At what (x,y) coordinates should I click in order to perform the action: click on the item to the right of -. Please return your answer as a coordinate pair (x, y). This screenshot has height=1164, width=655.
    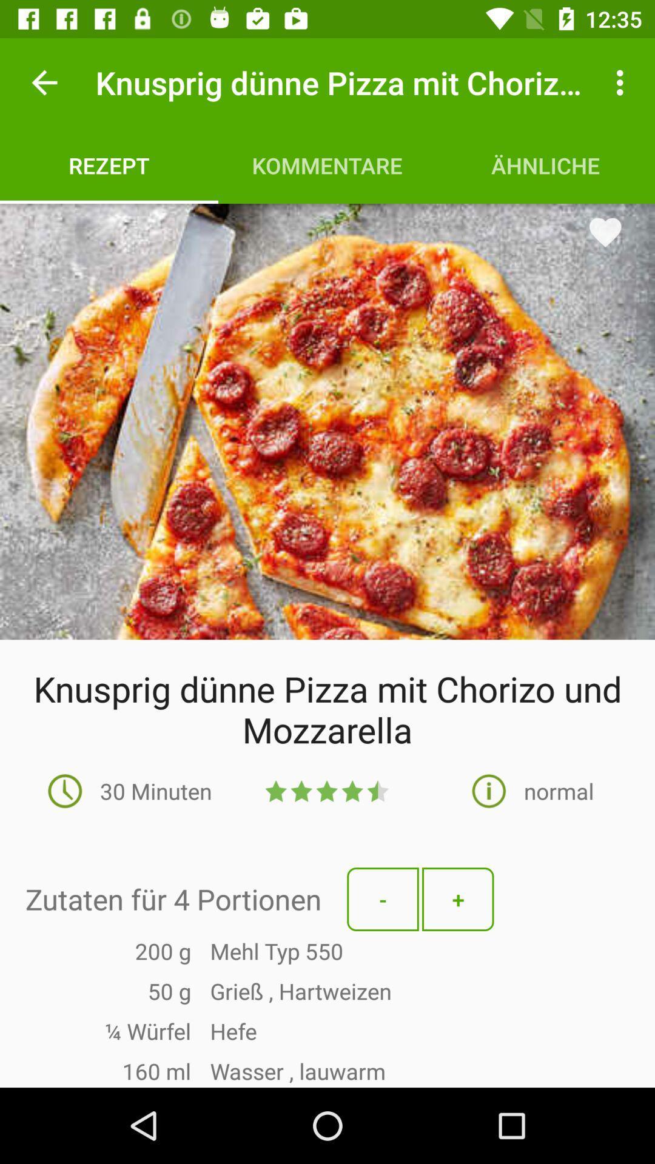
    Looking at the image, I should click on (458, 899).